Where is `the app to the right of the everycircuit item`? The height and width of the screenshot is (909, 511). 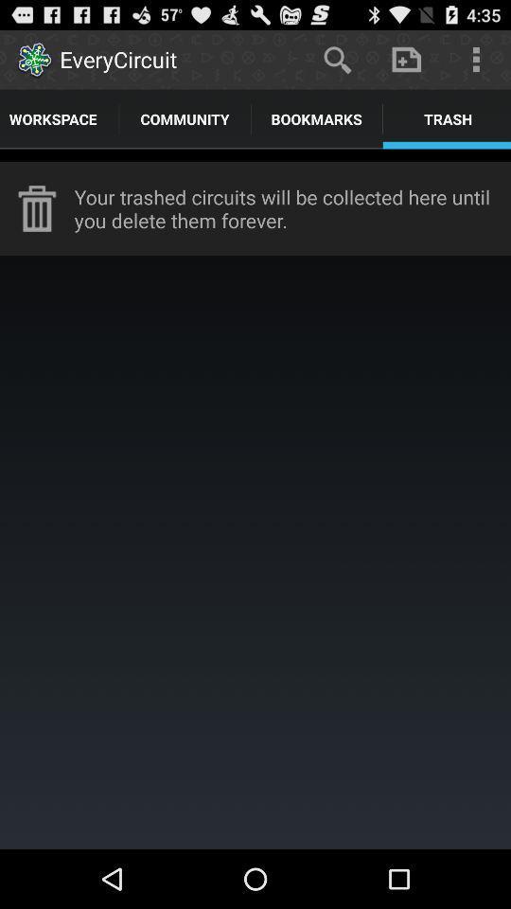 the app to the right of the everycircuit item is located at coordinates (336, 59).